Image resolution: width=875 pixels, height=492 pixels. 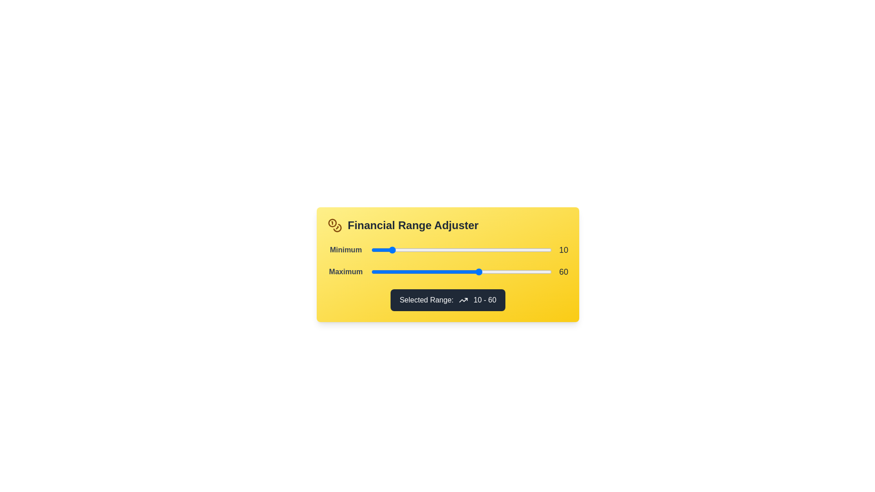 What do you see at coordinates (454, 250) in the screenshot?
I see `the 'Minimum' slider to 46 within its range` at bounding box center [454, 250].